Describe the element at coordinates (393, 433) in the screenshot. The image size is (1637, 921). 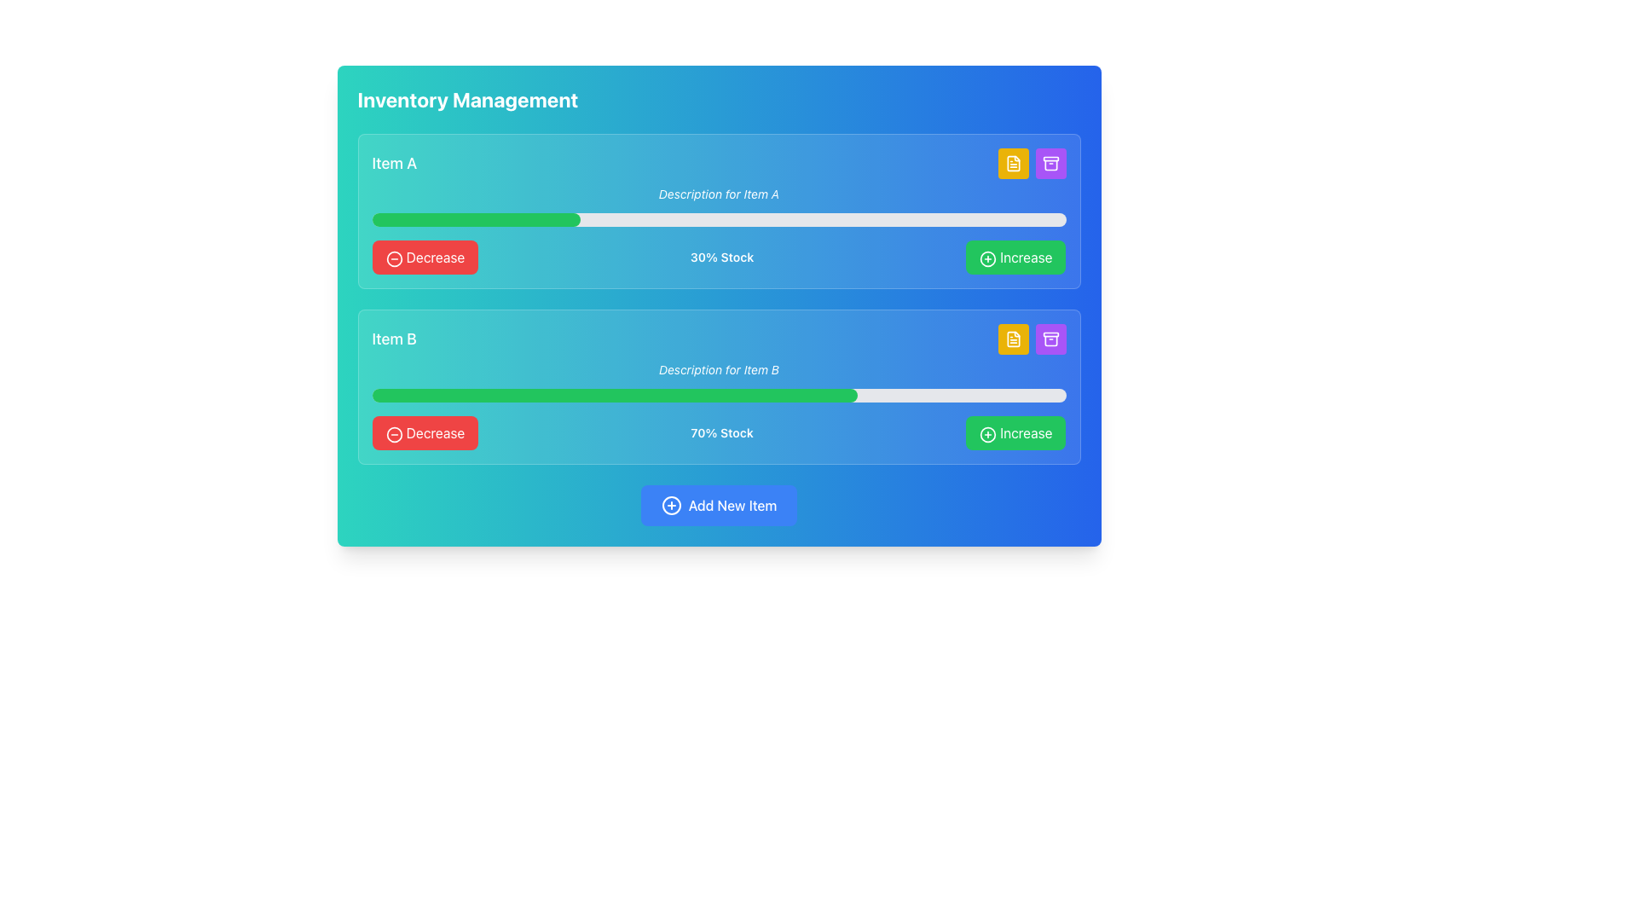
I see `the red circular icon with a minus symbol inside, which is part of the 'Decrease' button located in the second inventory item row below the green progress bar indicating '70% Stock'` at that location.